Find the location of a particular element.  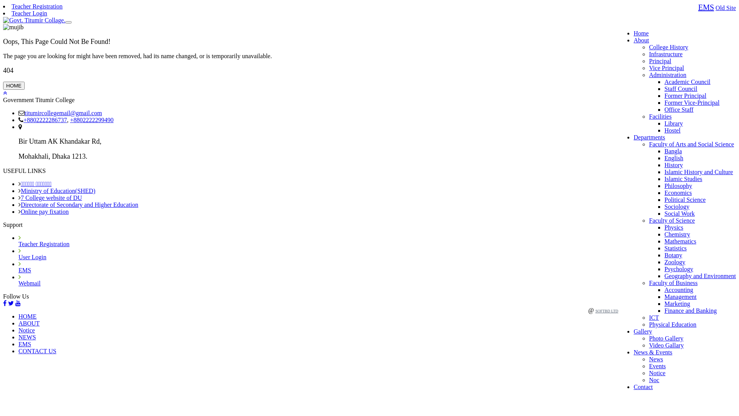

'7 College website of DU' is located at coordinates (51, 197).